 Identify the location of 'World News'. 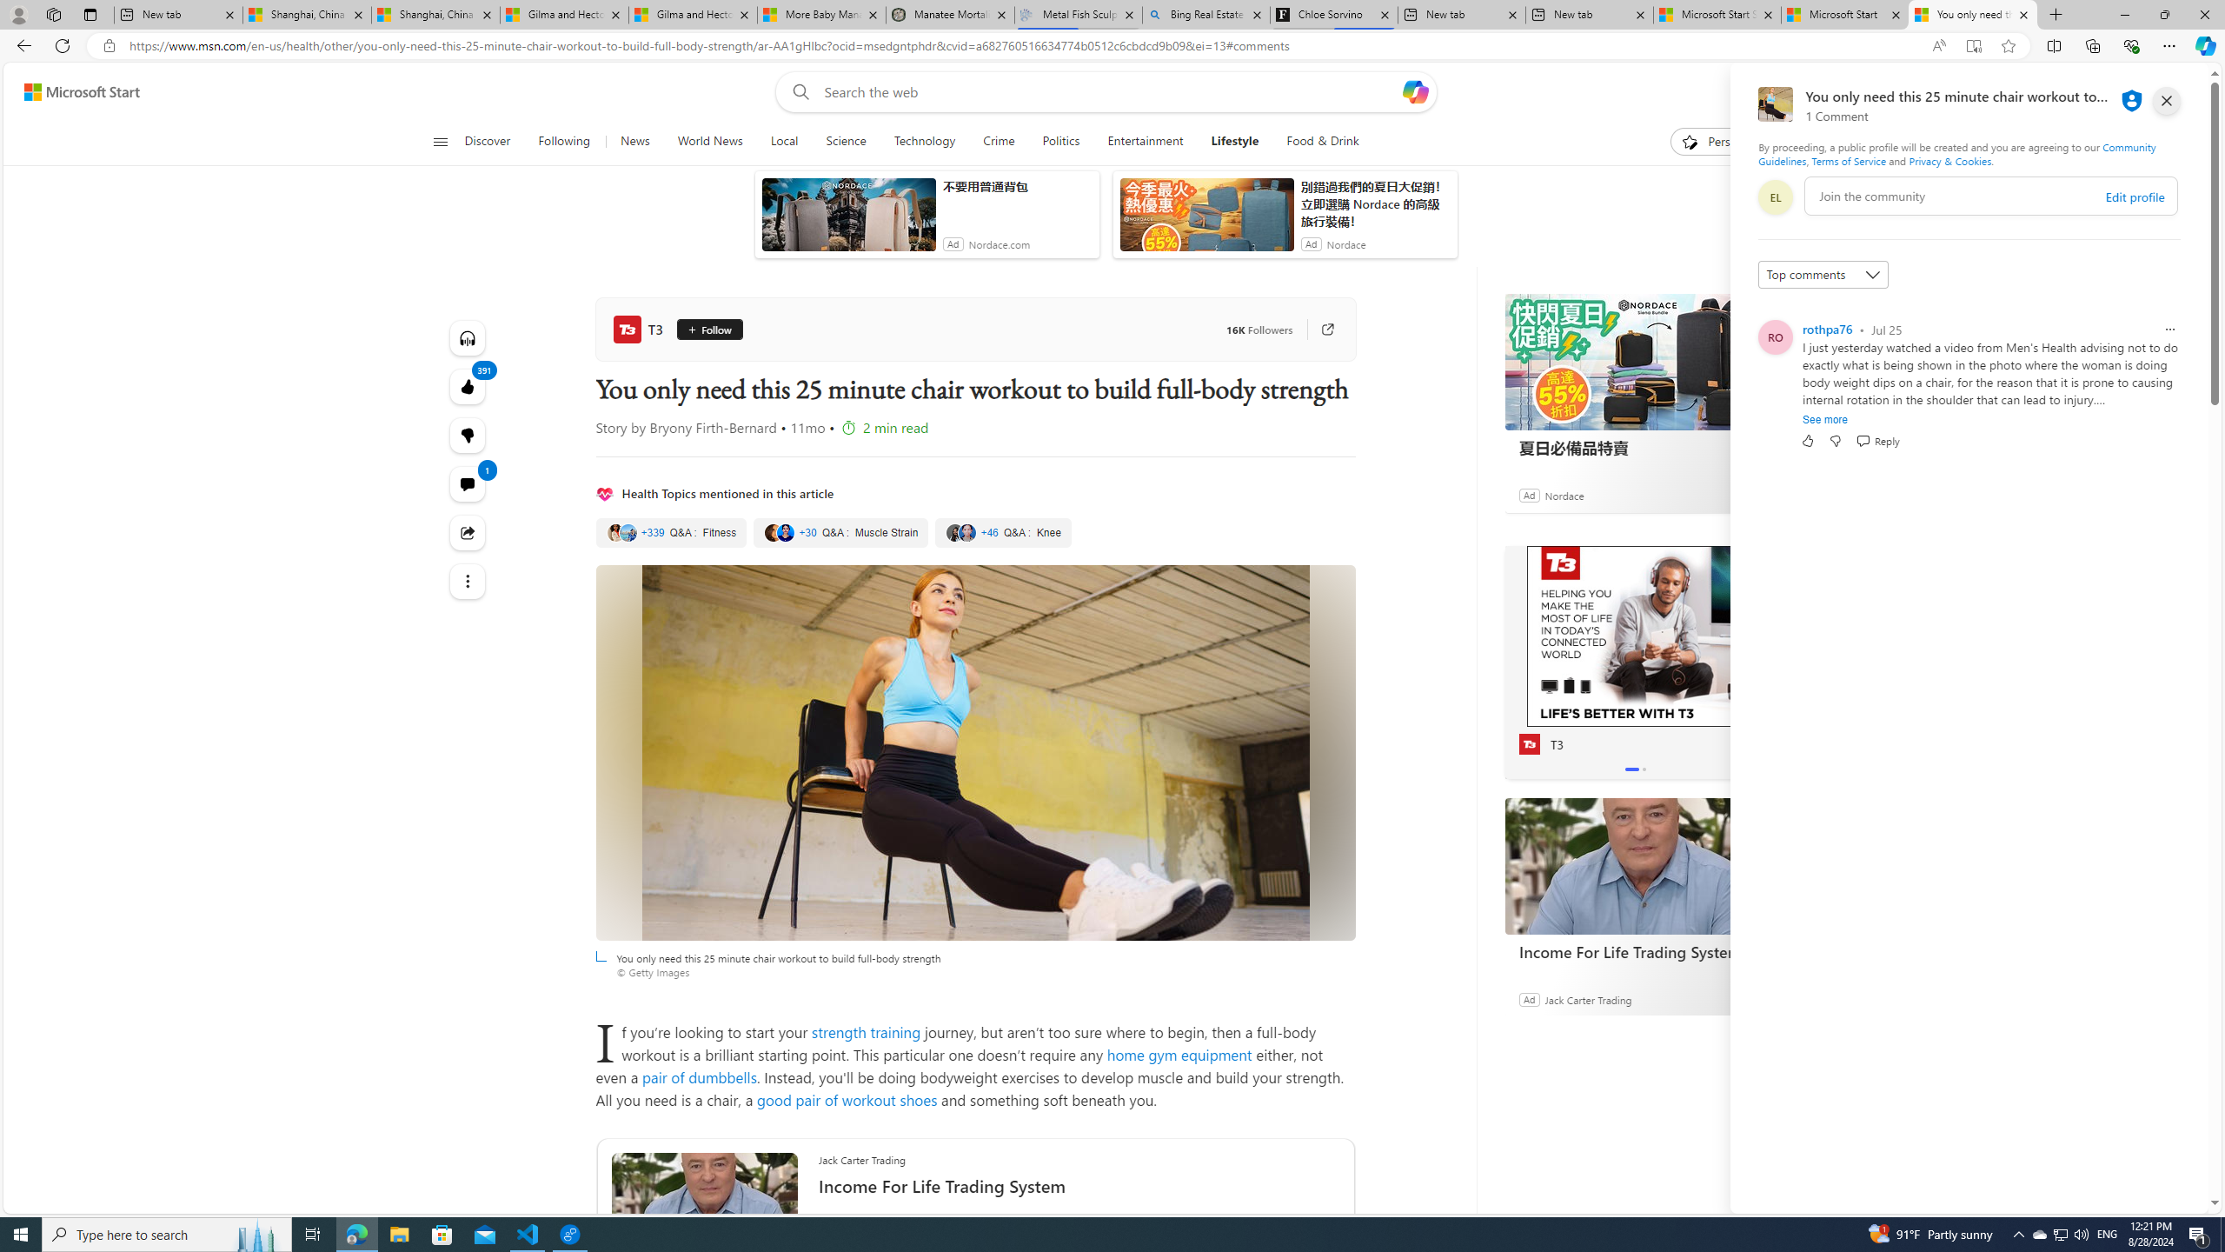
(708, 141).